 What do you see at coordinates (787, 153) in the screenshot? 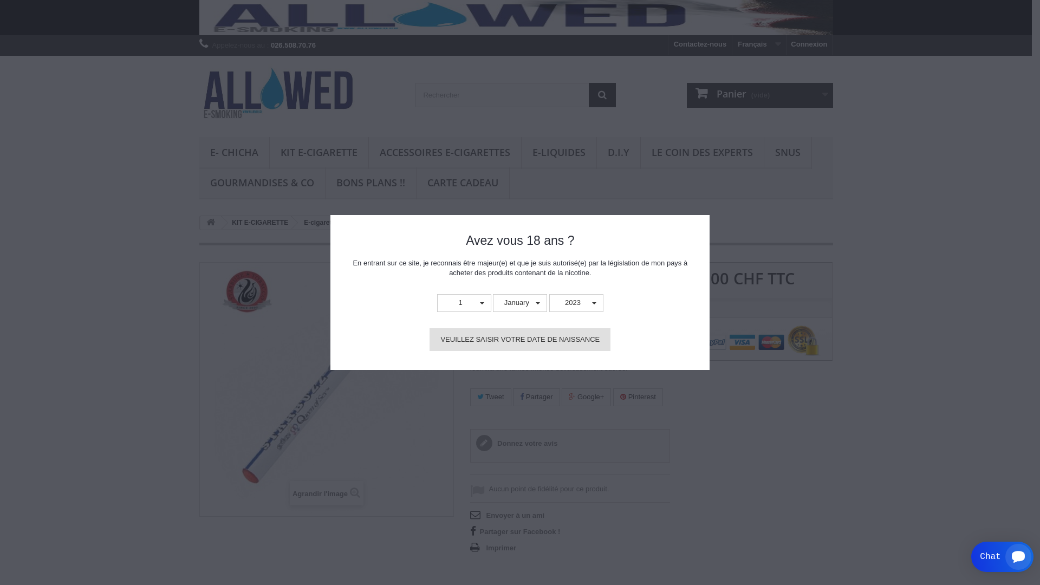
I see `'SNUS'` at bounding box center [787, 153].